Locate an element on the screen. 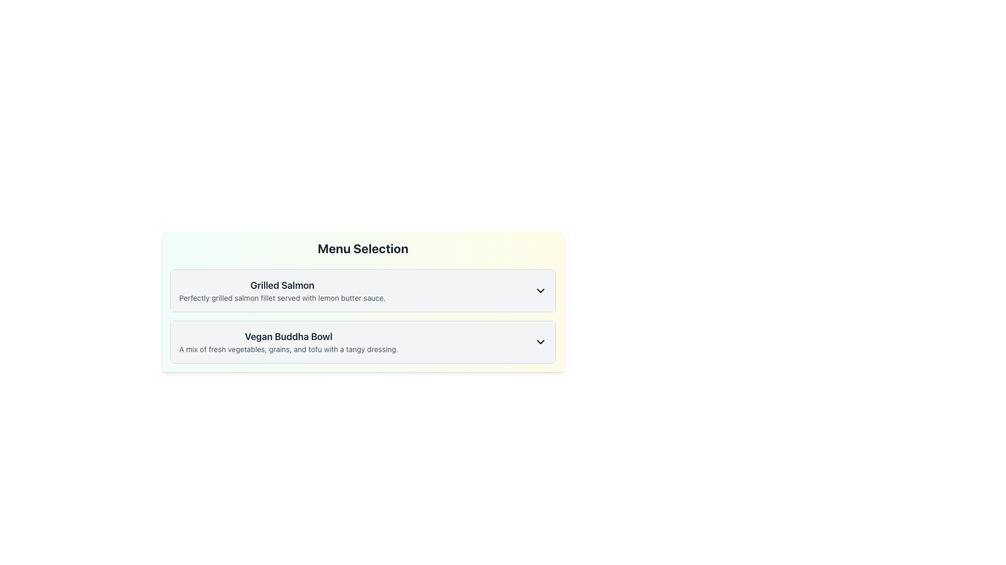 The image size is (1006, 565). the first text label that serves as a heading for the first menu option, located under the 'Menu Selection' heading is located at coordinates (282, 286).